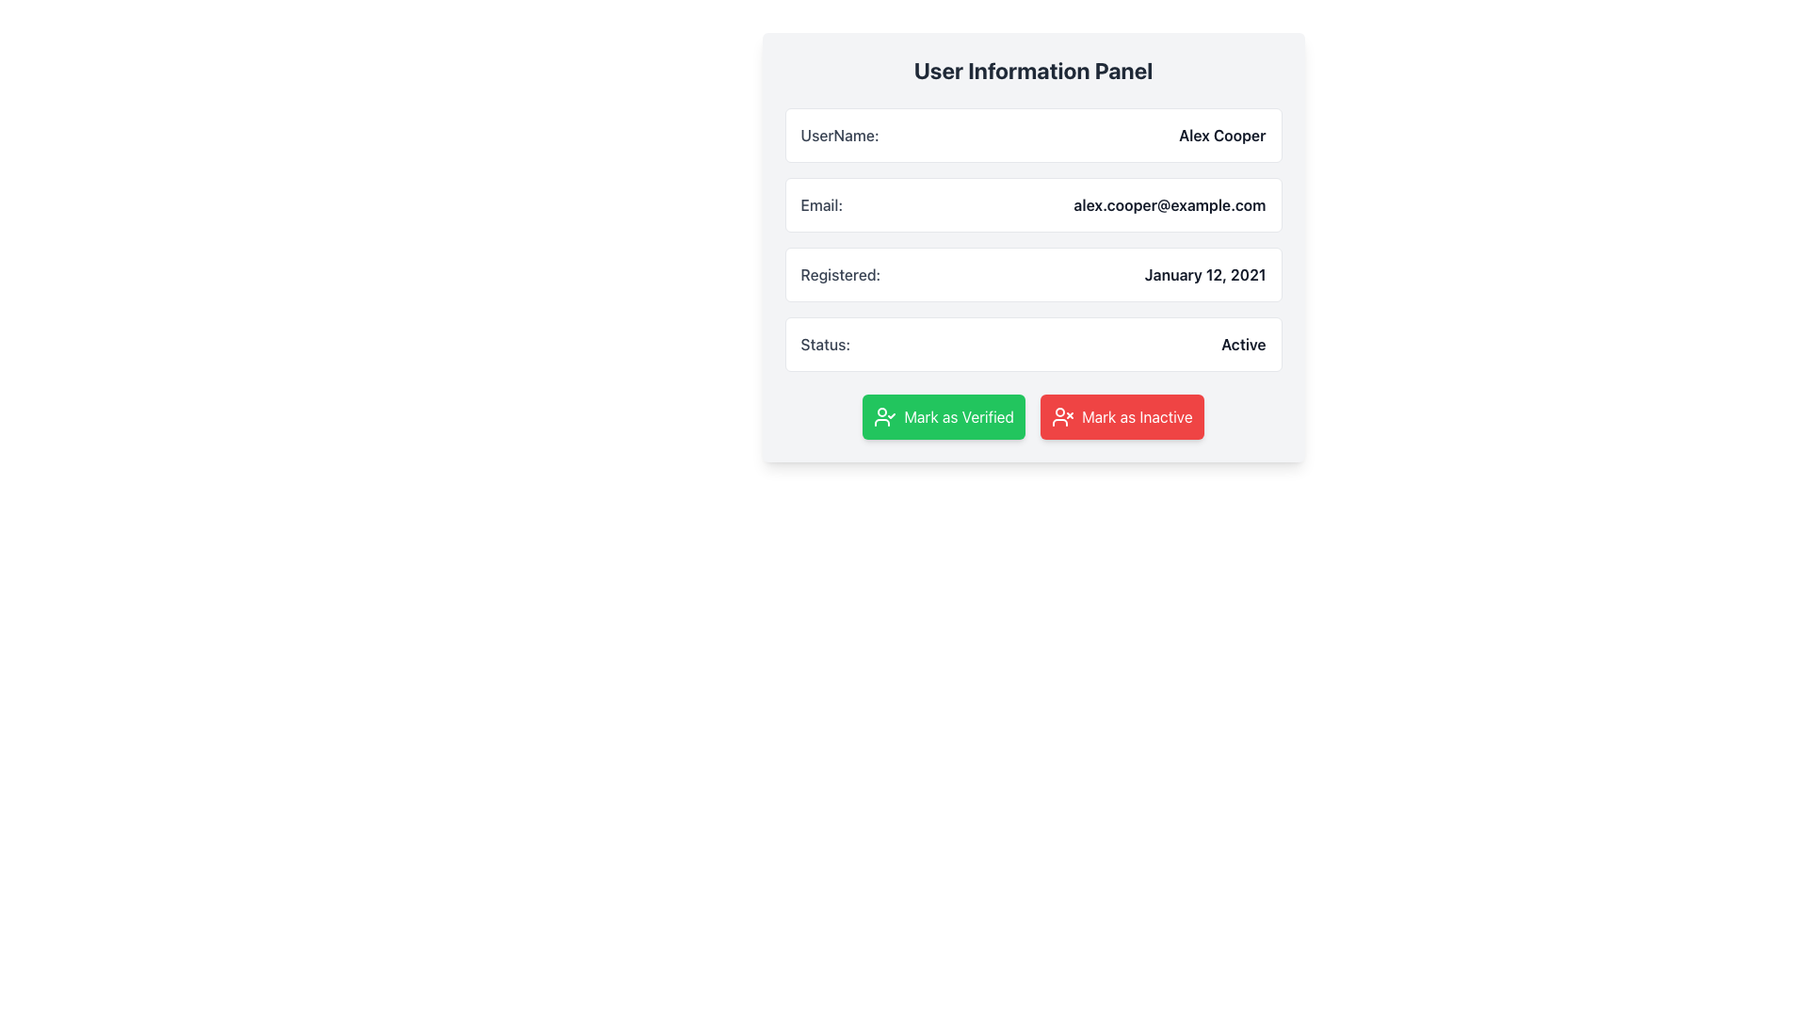 This screenshot has width=1808, height=1017. I want to click on the email display field that shows the email address 'alex.cooper@example.com' in the User Information Panel, so click(1032, 205).